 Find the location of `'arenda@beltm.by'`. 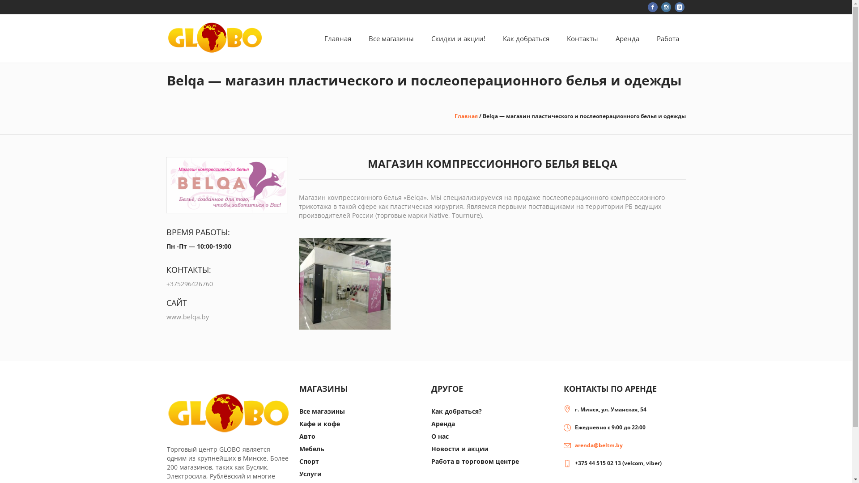

'arenda@beltm.by' is located at coordinates (599, 445).